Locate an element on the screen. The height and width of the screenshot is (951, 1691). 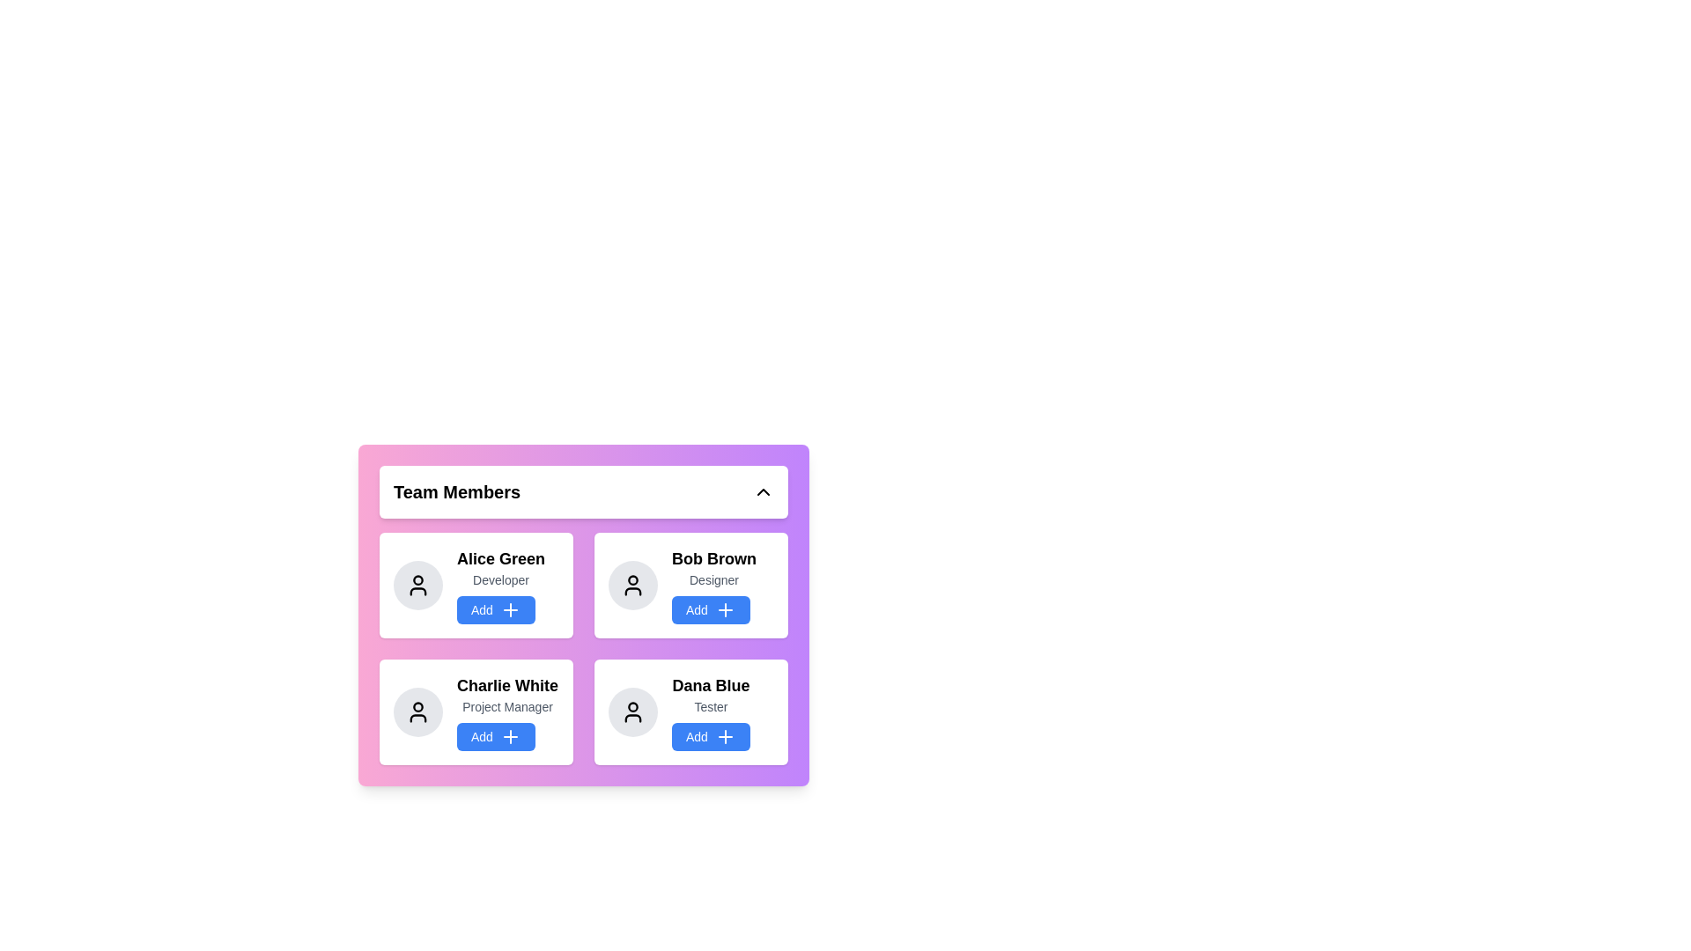
the chevron-up icon located in the top-right corner next to the 'Team Members' title is located at coordinates (764, 492).